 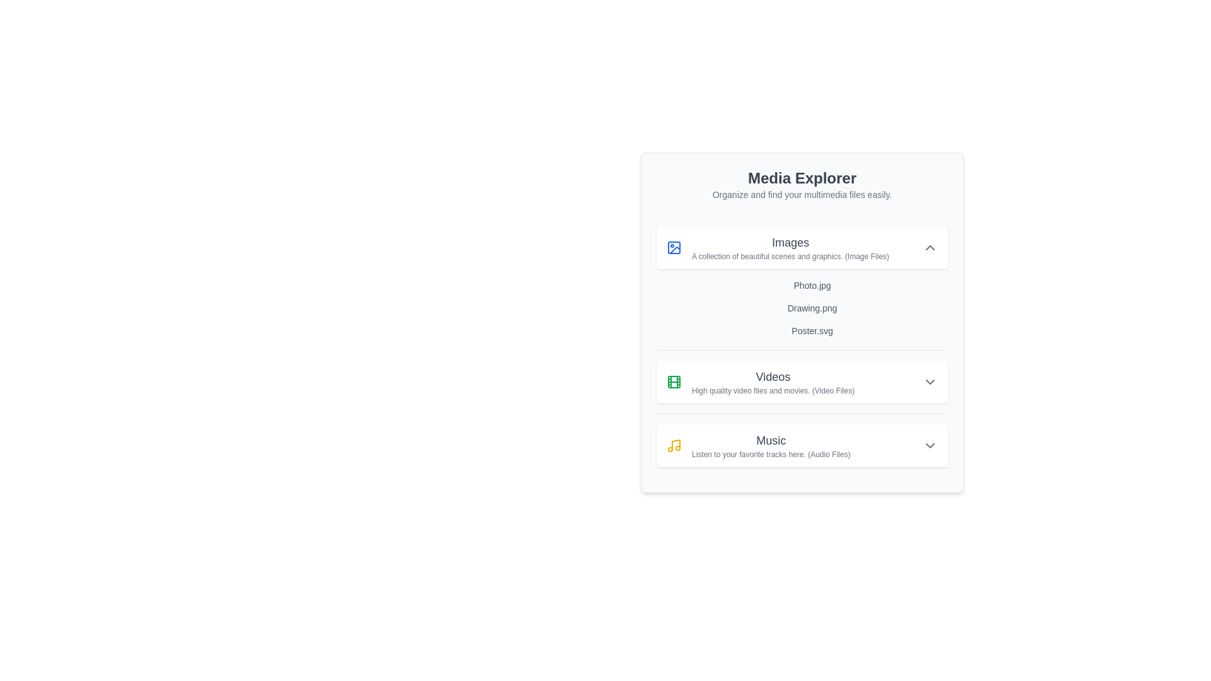 I want to click on the individual file names listed inside the 'Images' collapsible section header, which contains 'Photo.jpg', 'Drawing.png', and 'Poster.svg', so click(x=802, y=282).